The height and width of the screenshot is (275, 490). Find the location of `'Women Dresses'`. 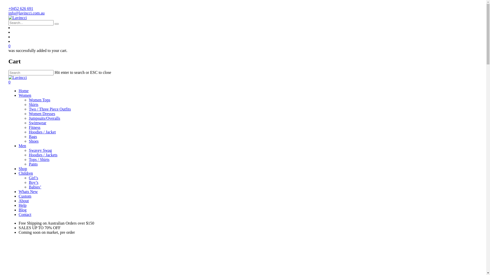

'Women Dresses' is located at coordinates (42, 113).